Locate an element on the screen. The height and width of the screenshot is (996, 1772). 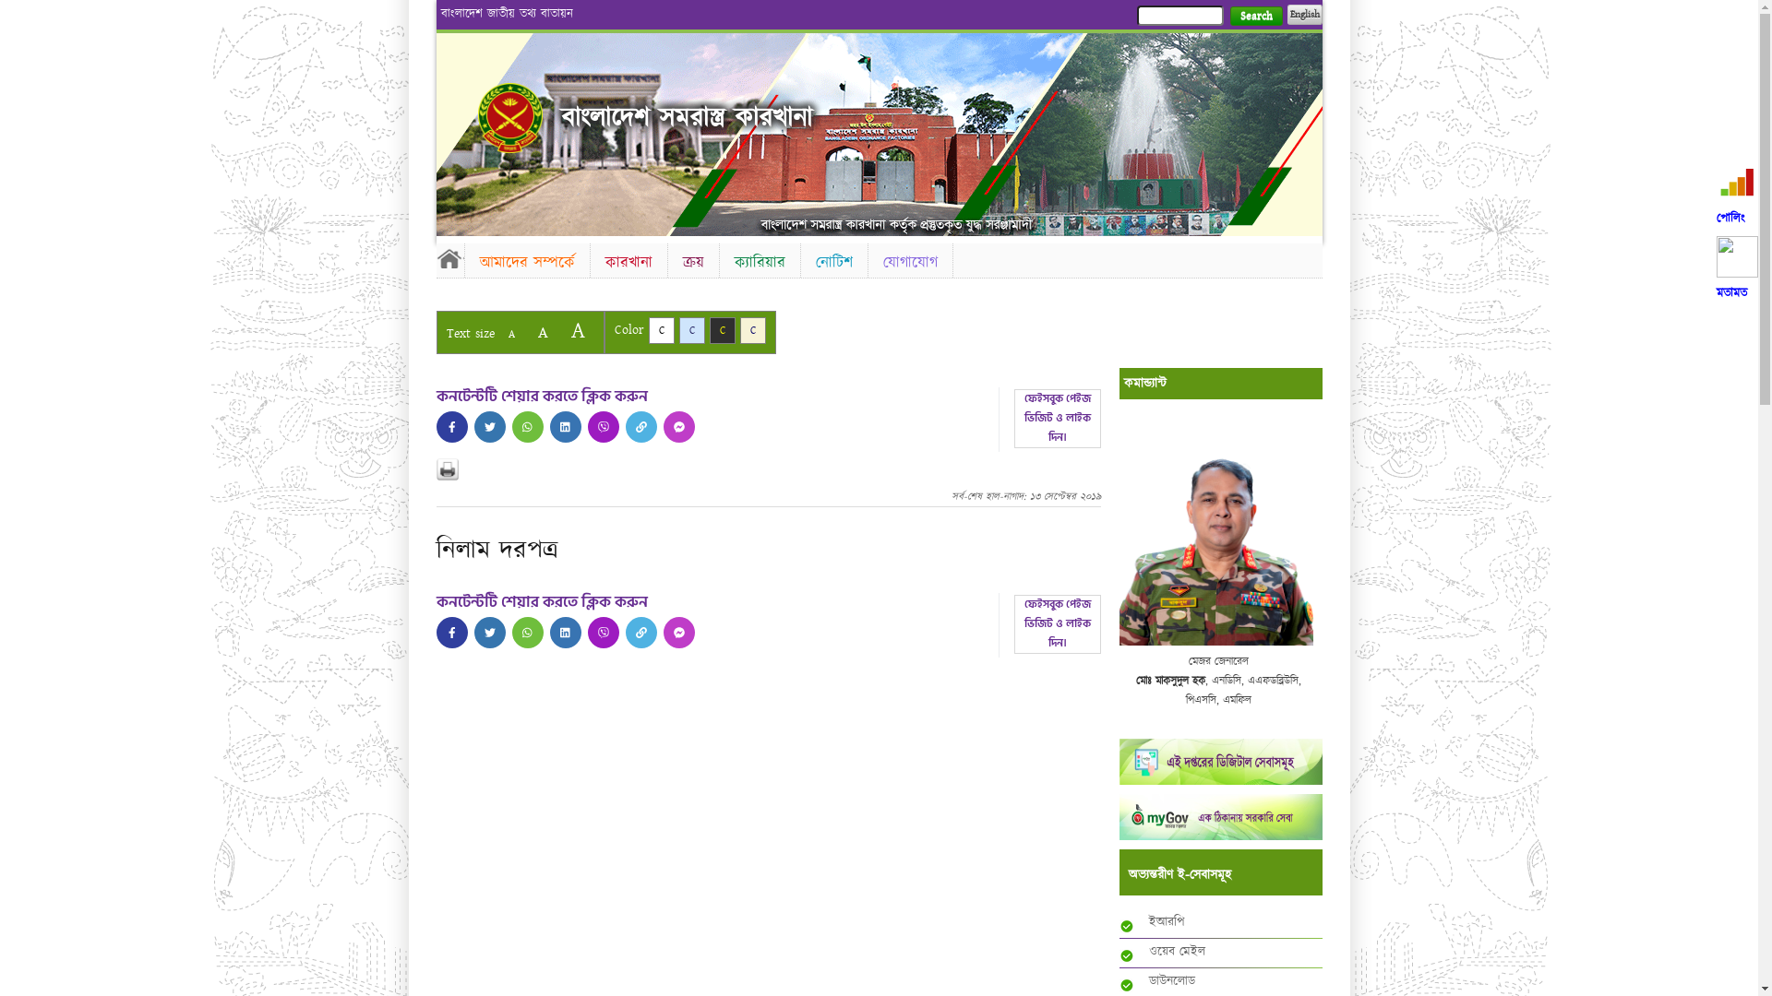
'C' is located at coordinates (708, 329).